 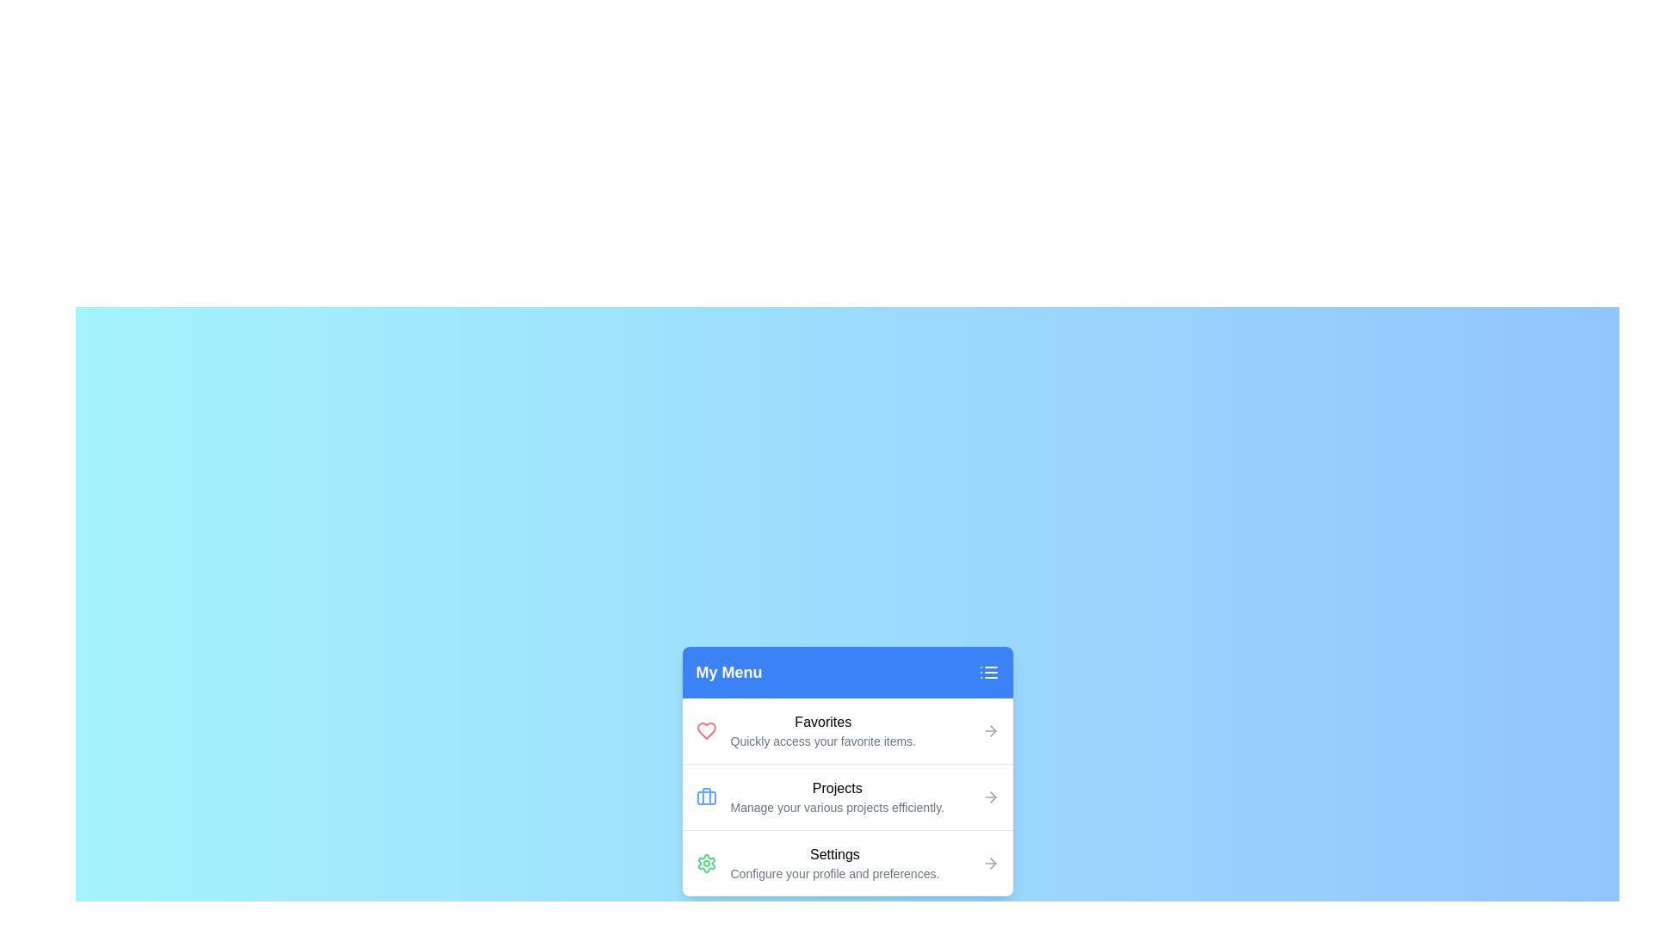 What do you see at coordinates (847, 730) in the screenshot?
I see `the menu item labeled Favorites` at bounding box center [847, 730].